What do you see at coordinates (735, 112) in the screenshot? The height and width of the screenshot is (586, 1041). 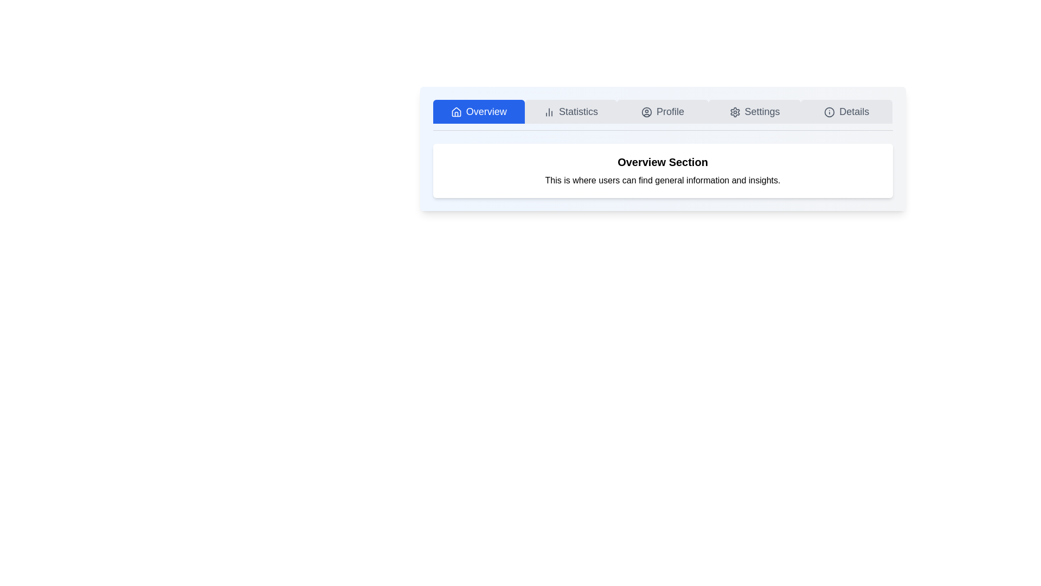 I see `the settings icon` at bounding box center [735, 112].